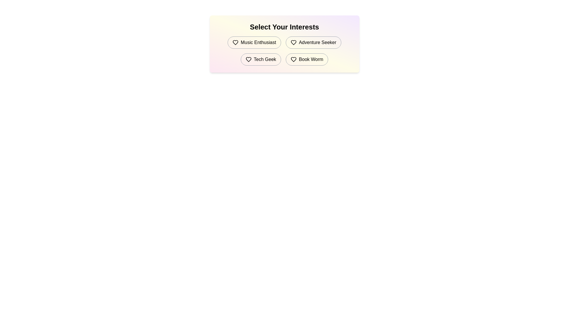  I want to click on the tag button labeled 'Music Enthusiast' to observe its hover effect, so click(254, 42).